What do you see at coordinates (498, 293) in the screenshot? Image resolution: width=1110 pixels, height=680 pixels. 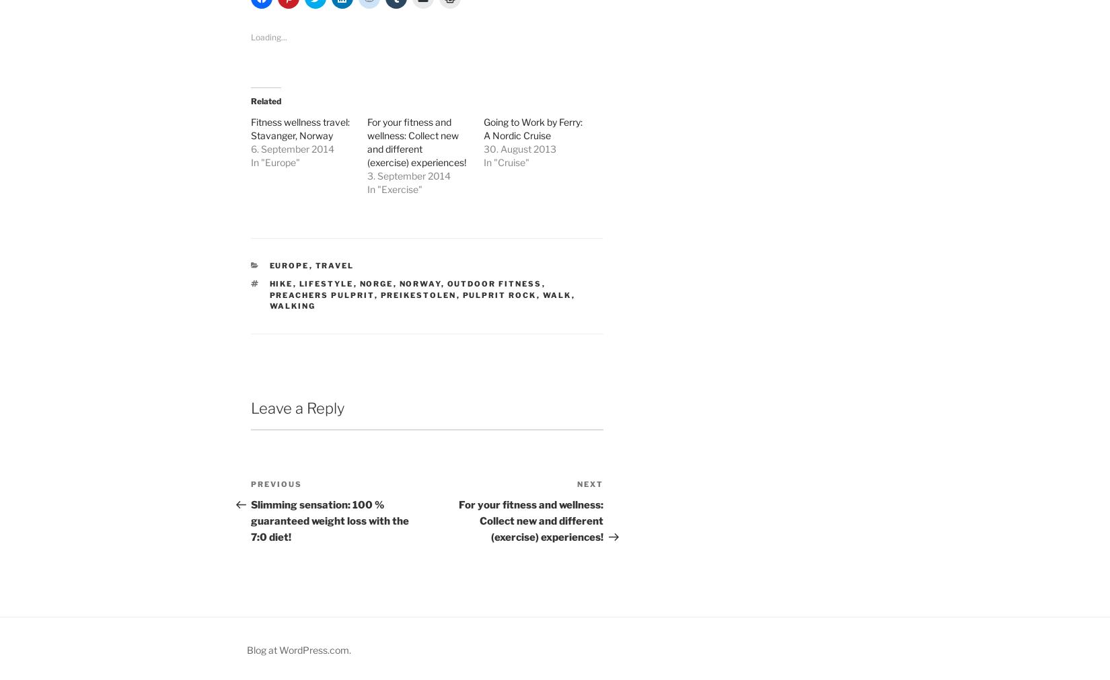 I see `'Pulprit Rock'` at bounding box center [498, 293].